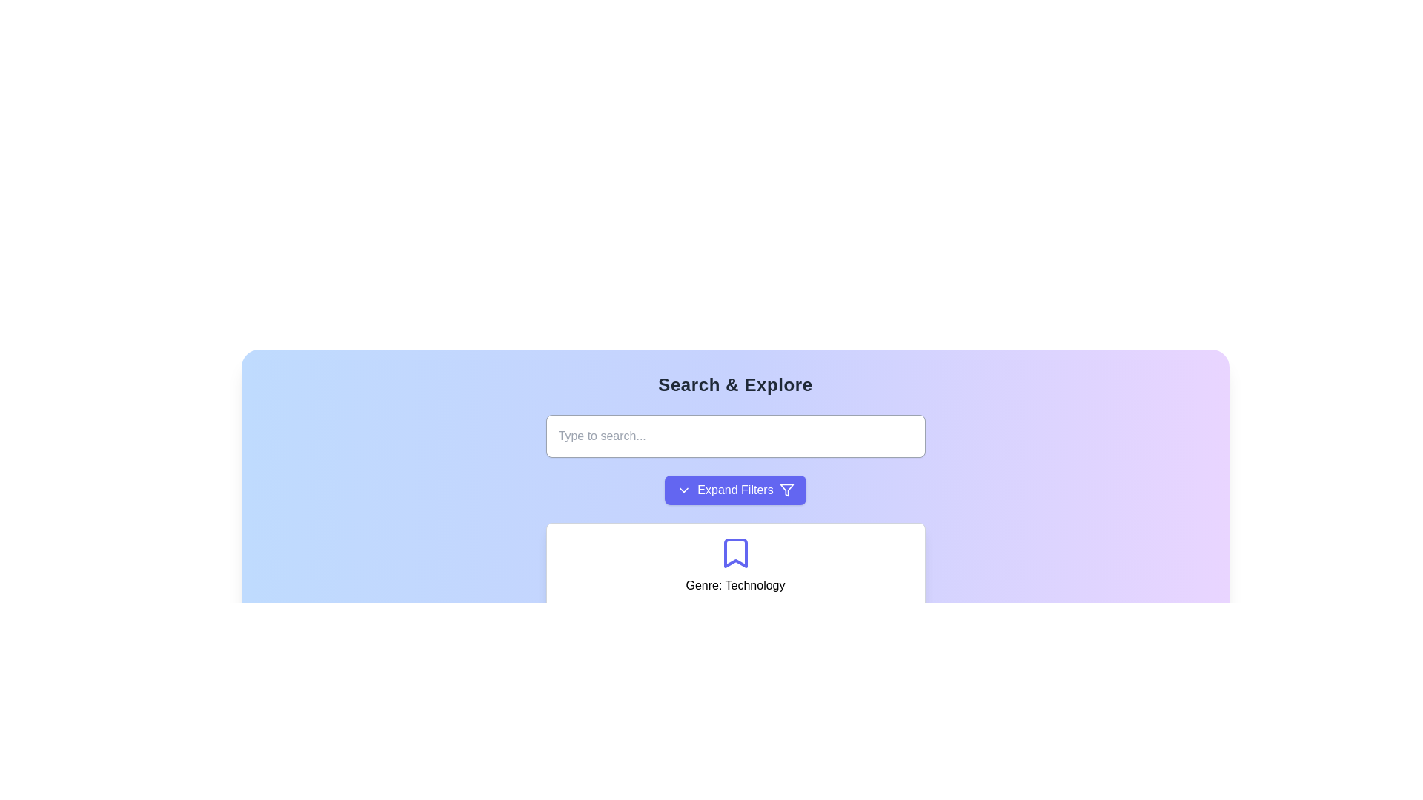 The image size is (1423, 800). What do you see at coordinates (786, 490) in the screenshot?
I see `the funnel-like filter icon located at the far right of the 'Expand Filters' button, which is styled in indigo and adjacent to the button's text label` at bounding box center [786, 490].